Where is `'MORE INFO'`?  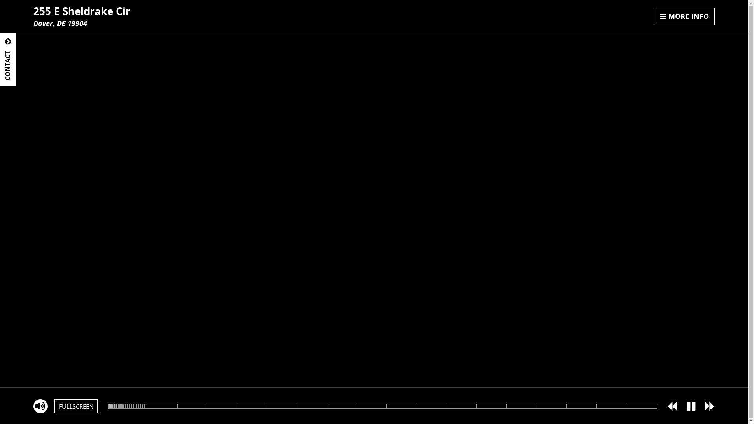
'MORE INFO' is located at coordinates (684, 16).